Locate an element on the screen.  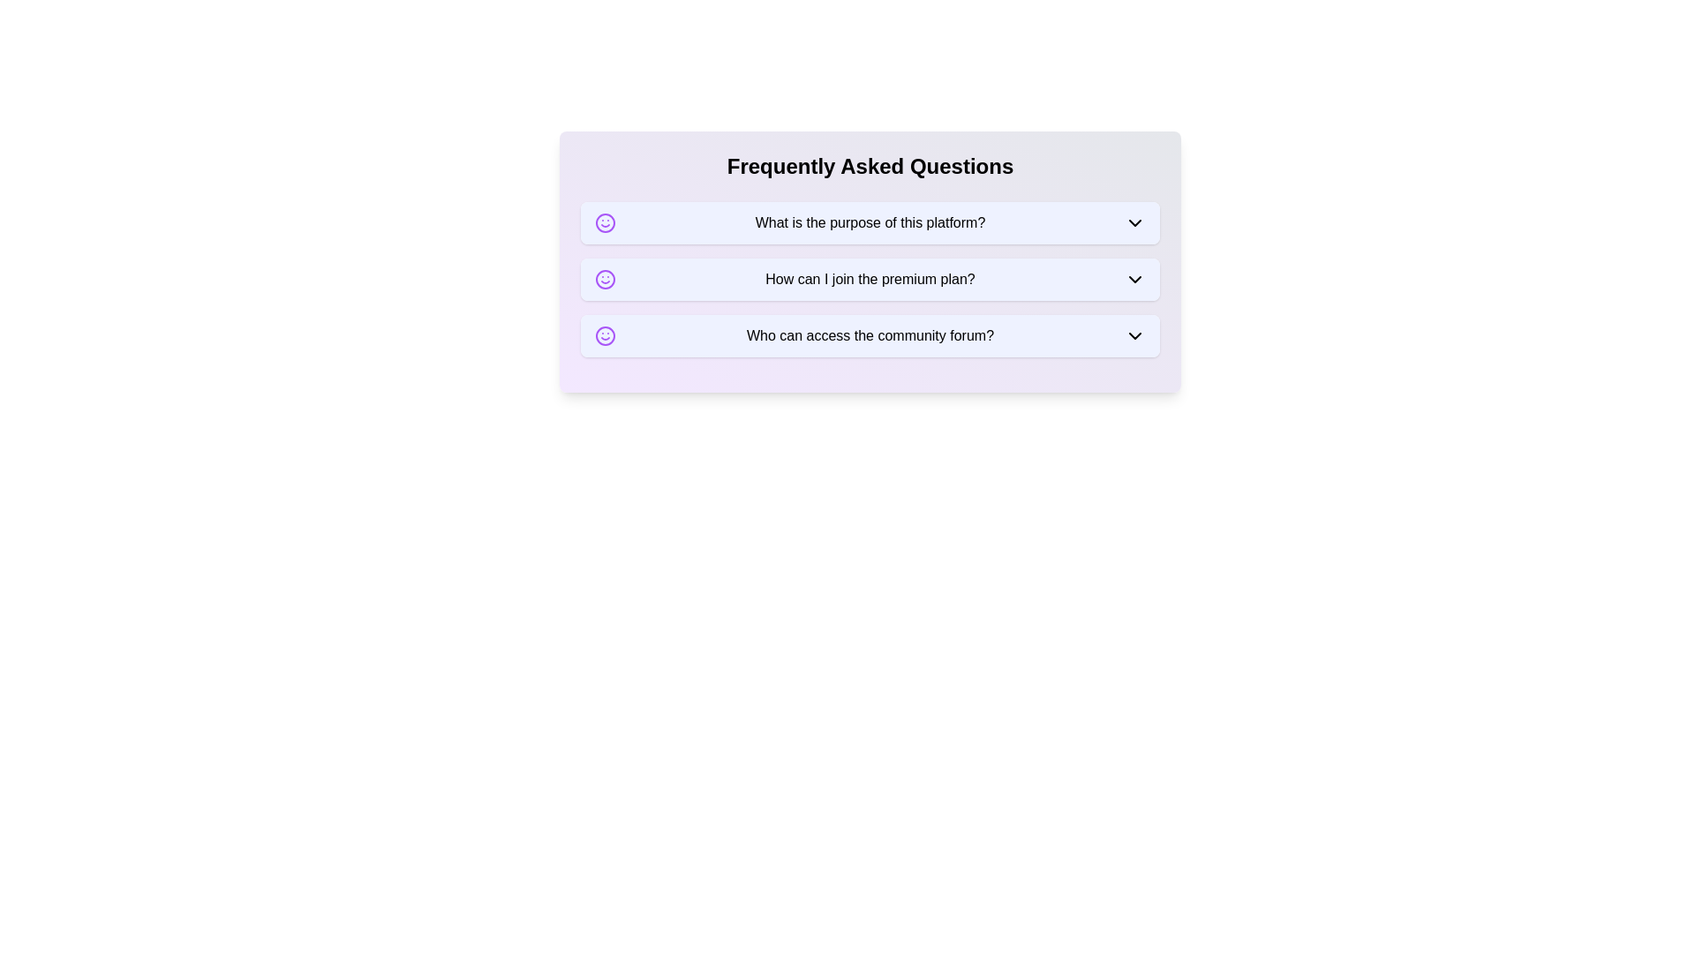
the circular decorative icon resembling a smiley face, which has a purple outline and is located to the left of the text in the 'Who can access the community forum?' section of the FAQ is located at coordinates (606, 336).